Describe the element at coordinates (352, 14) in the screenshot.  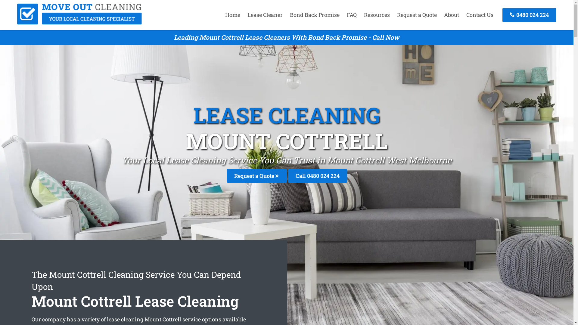
I see `'FAQ'` at that location.